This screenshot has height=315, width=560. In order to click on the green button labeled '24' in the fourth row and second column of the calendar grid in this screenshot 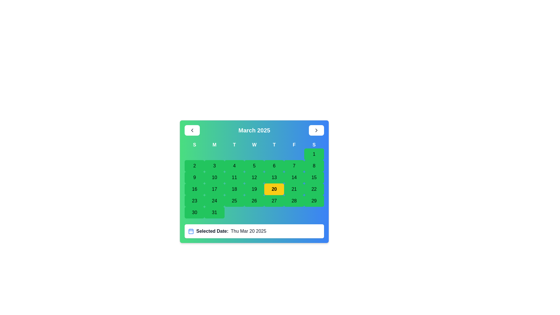, I will do `click(214, 201)`.